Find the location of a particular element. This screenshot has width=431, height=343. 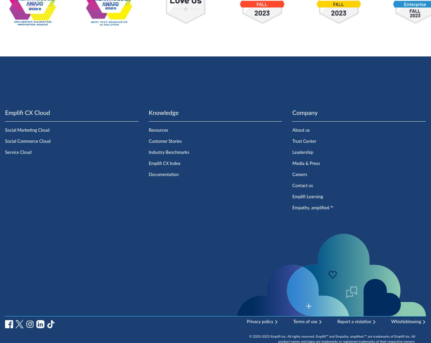

'Trust Center' is located at coordinates (304, 141).